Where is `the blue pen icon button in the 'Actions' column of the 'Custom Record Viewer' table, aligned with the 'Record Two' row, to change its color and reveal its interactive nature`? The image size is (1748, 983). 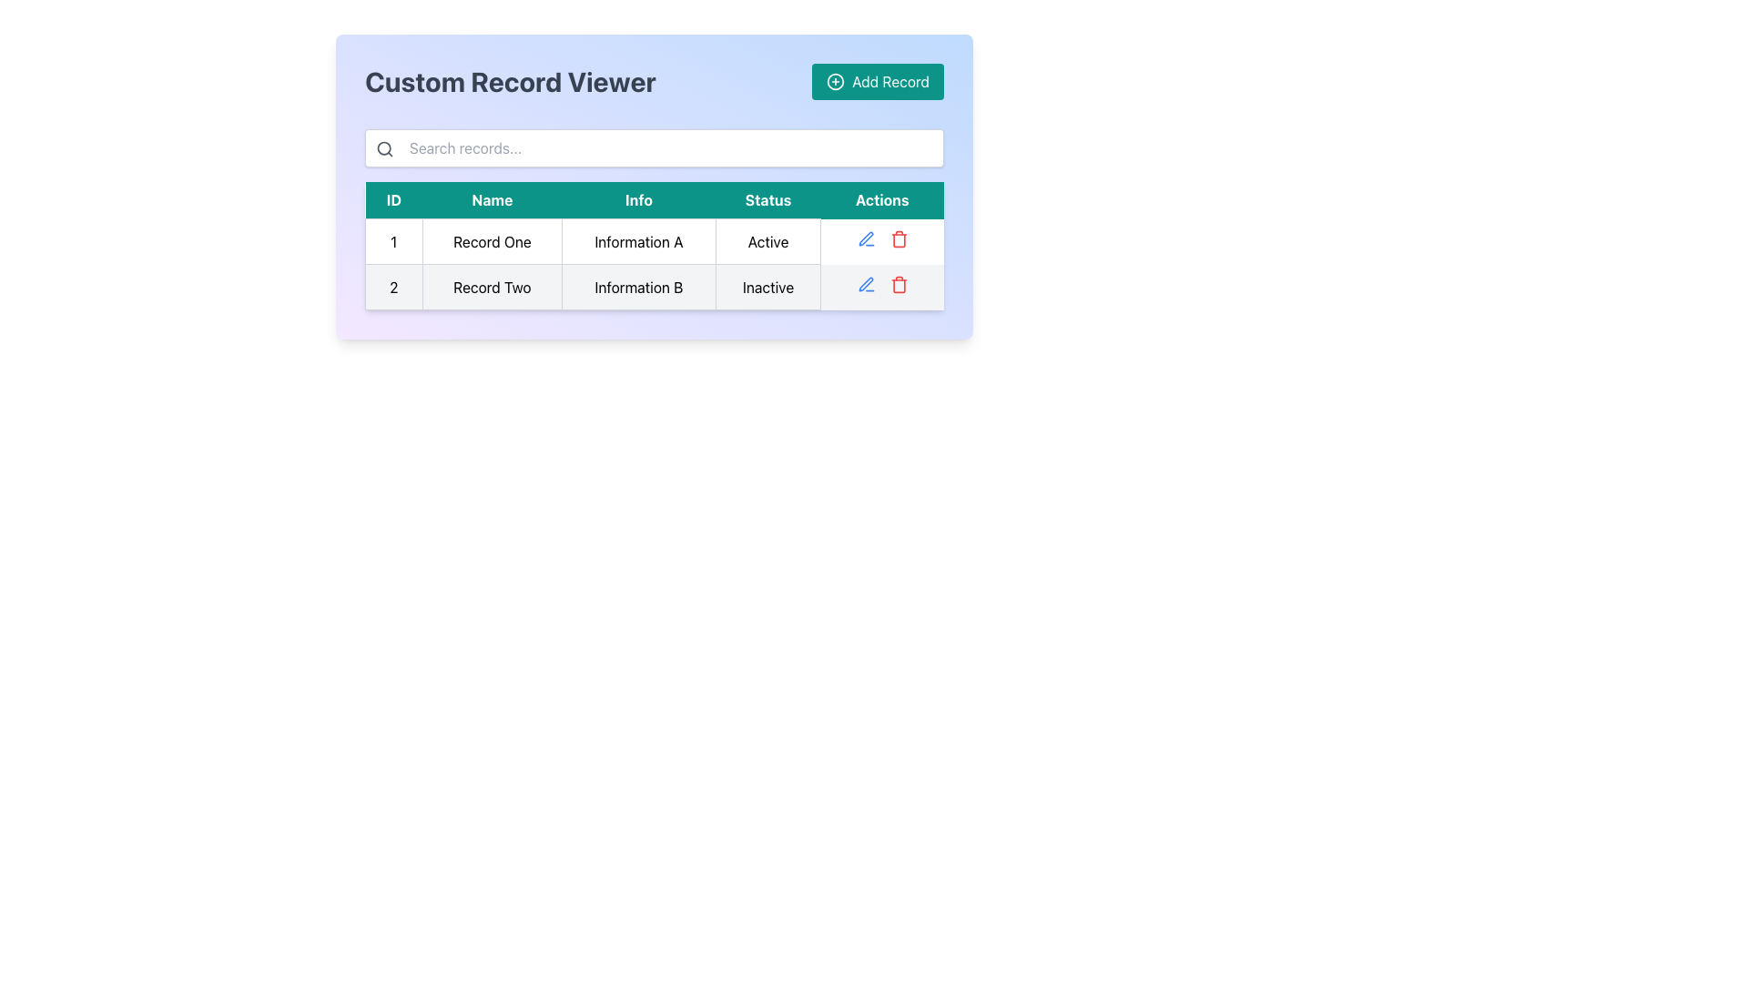 the blue pen icon button in the 'Actions' column of the 'Custom Record Viewer' table, aligned with the 'Record Two' row, to change its color and reveal its interactive nature is located at coordinates (865, 238).